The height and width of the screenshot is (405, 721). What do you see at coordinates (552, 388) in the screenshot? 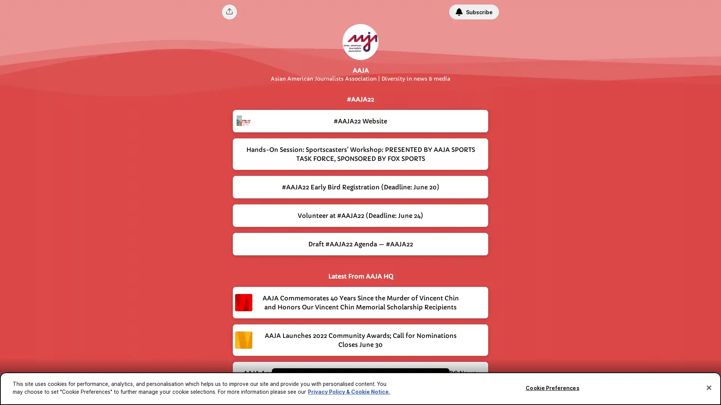
I see `Cookie Preferences` at bounding box center [552, 388].